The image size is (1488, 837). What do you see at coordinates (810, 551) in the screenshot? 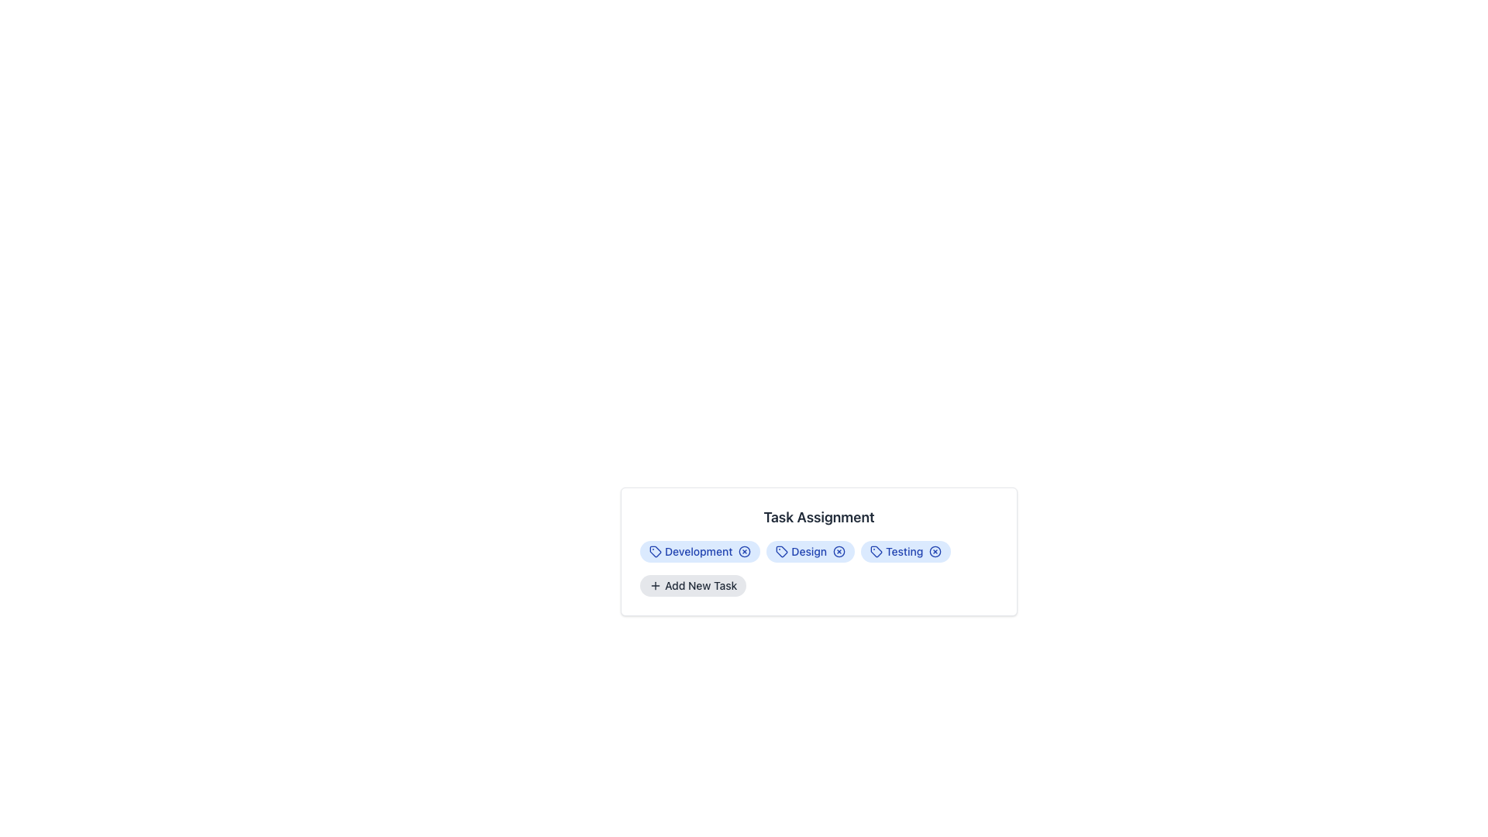
I see `label of the task element labeled 'Design', which is a composite component containing a label and a button, to identify its category` at bounding box center [810, 551].